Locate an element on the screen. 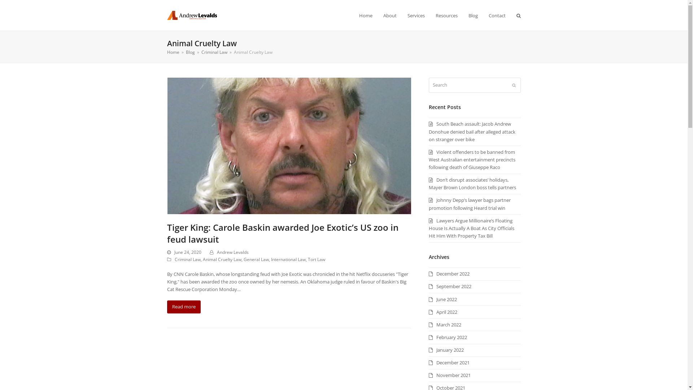  'About' is located at coordinates (389, 15).